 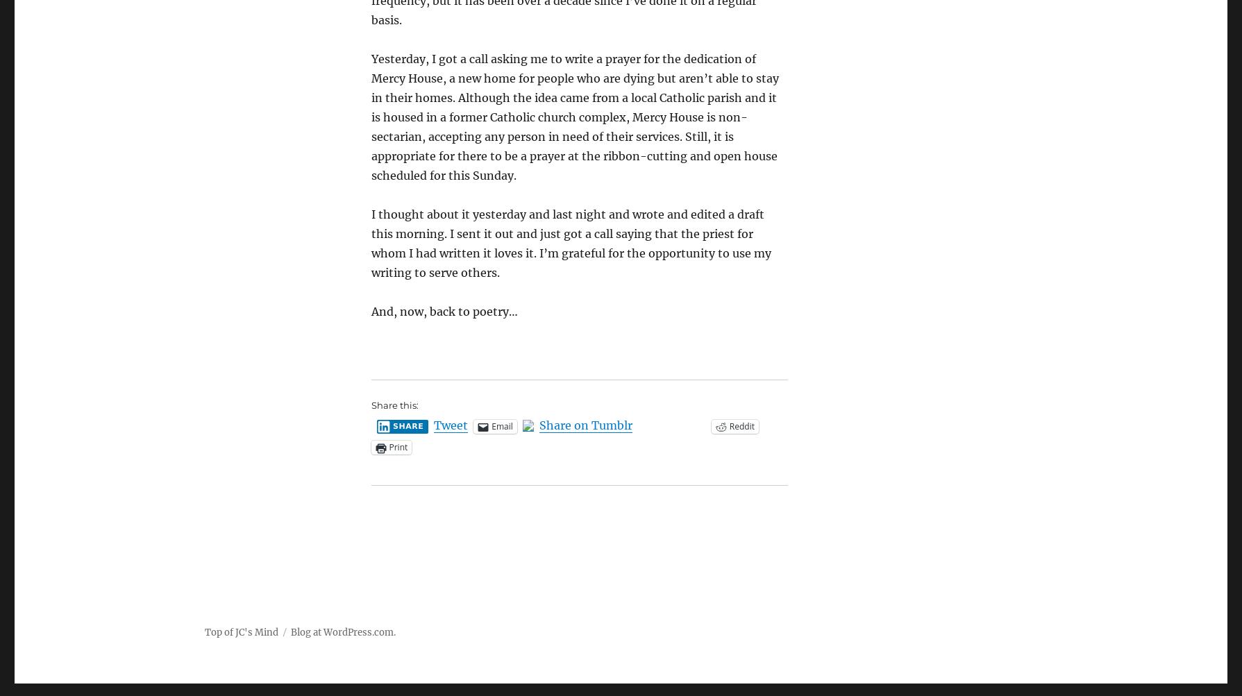 What do you see at coordinates (444, 311) in the screenshot?
I see `'And, now, back to poetry…'` at bounding box center [444, 311].